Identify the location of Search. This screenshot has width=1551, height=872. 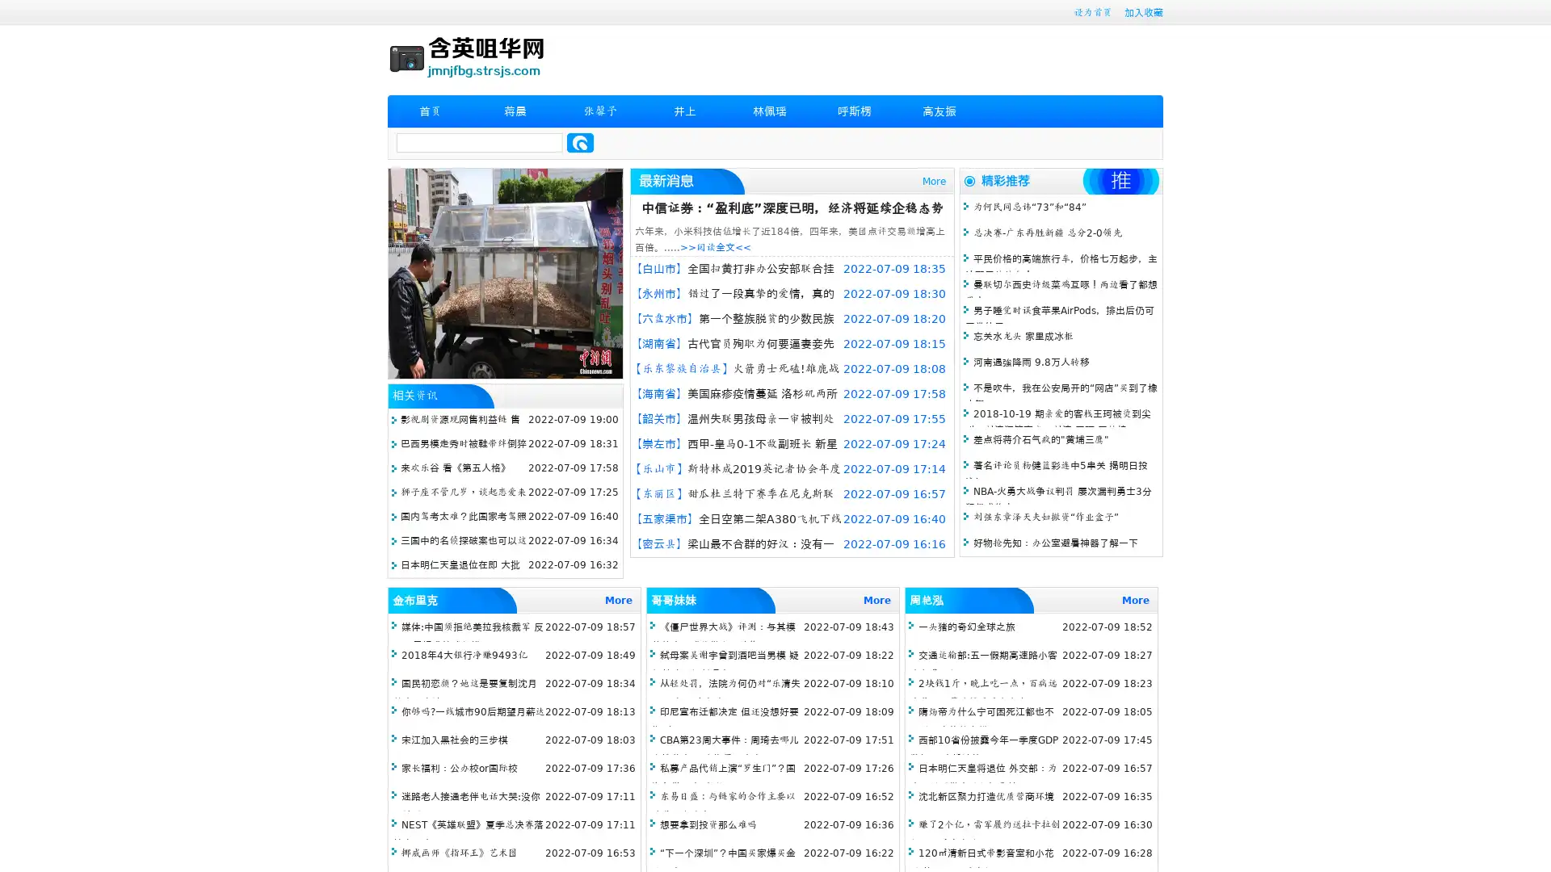
(580, 142).